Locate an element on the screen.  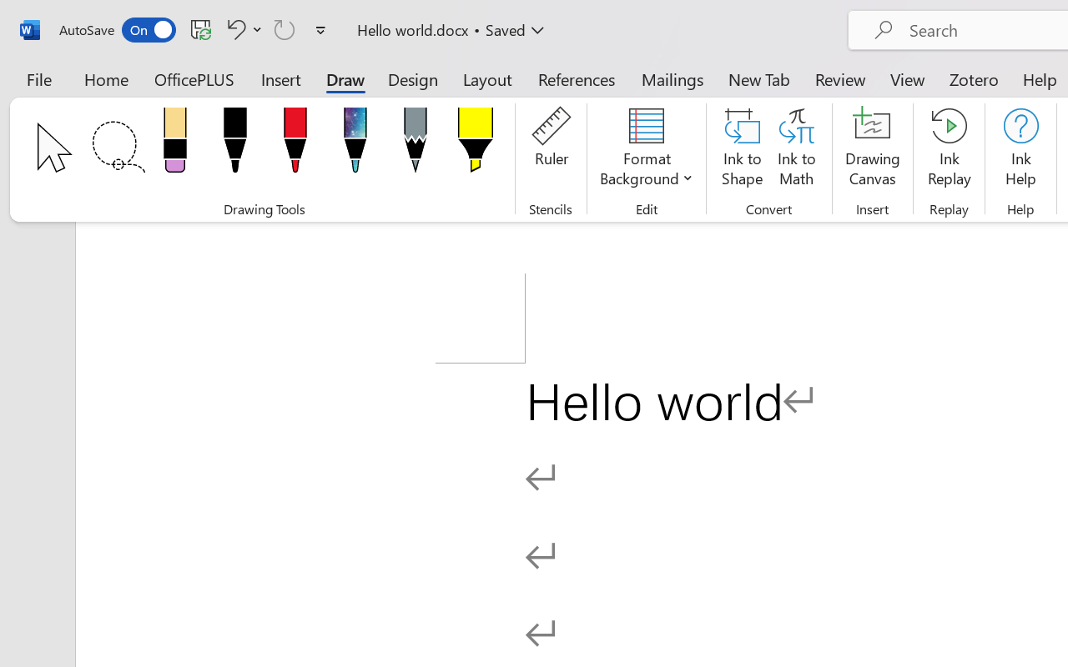
'Design' is located at coordinates (413, 78).